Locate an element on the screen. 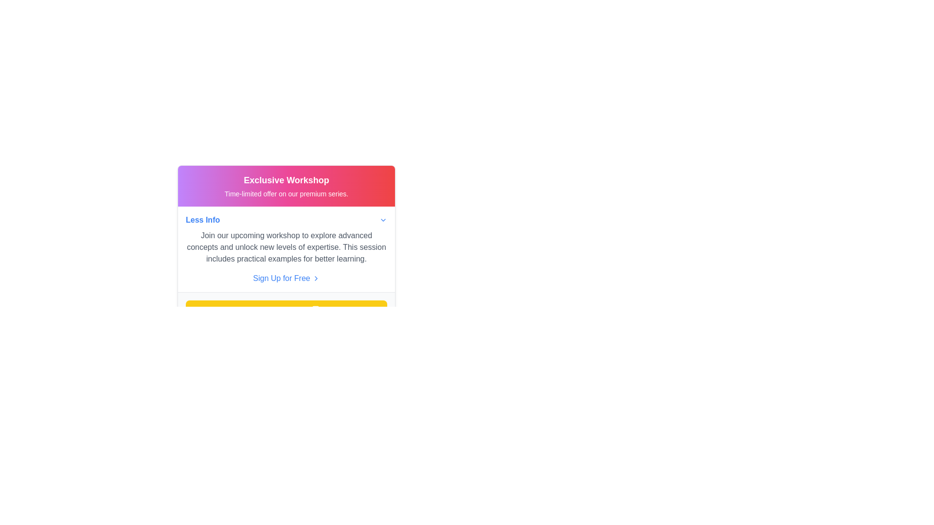 This screenshot has height=525, width=934. the Text Label that provides additional descriptive or promotional text below the heading 'Exclusive Workshop' is located at coordinates (286, 193).